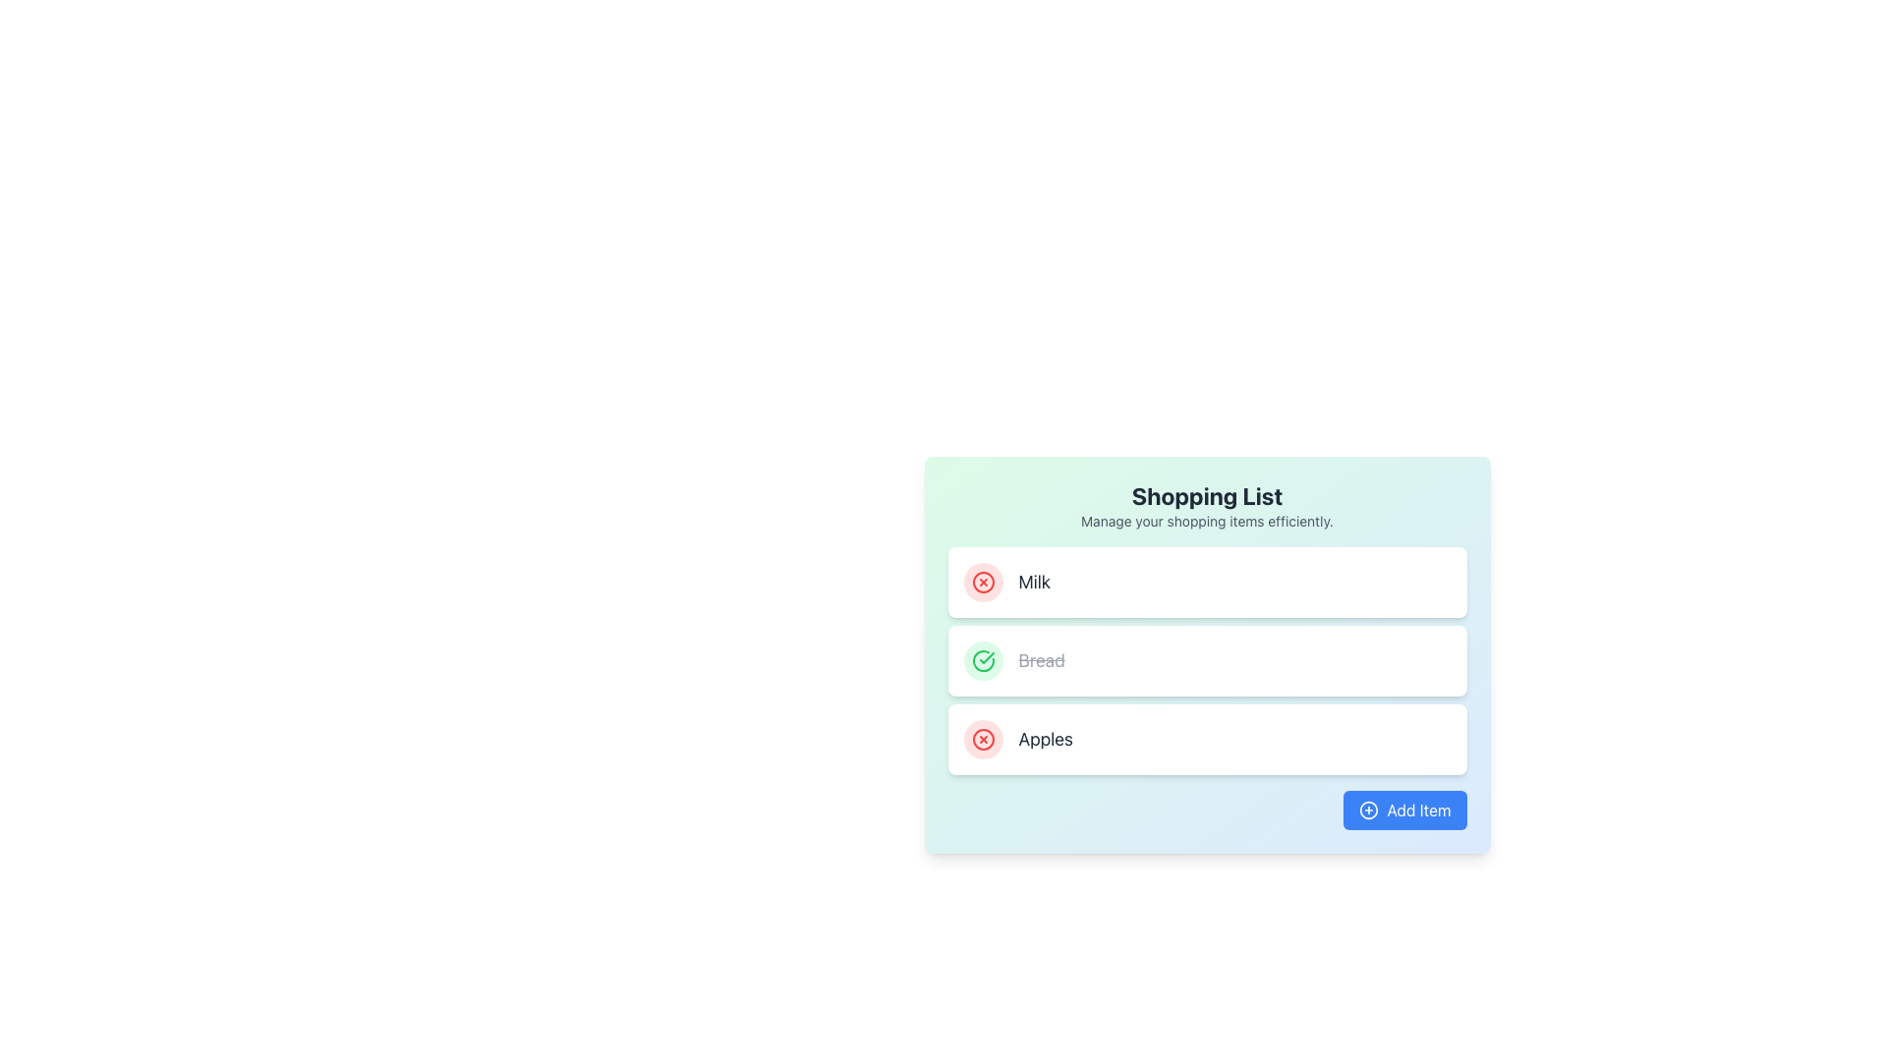 This screenshot has height=1061, width=1887. Describe the element at coordinates (1006, 582) in the screenshot. I see `the 'Milk' list item in the 'Shopping List'` at that location.